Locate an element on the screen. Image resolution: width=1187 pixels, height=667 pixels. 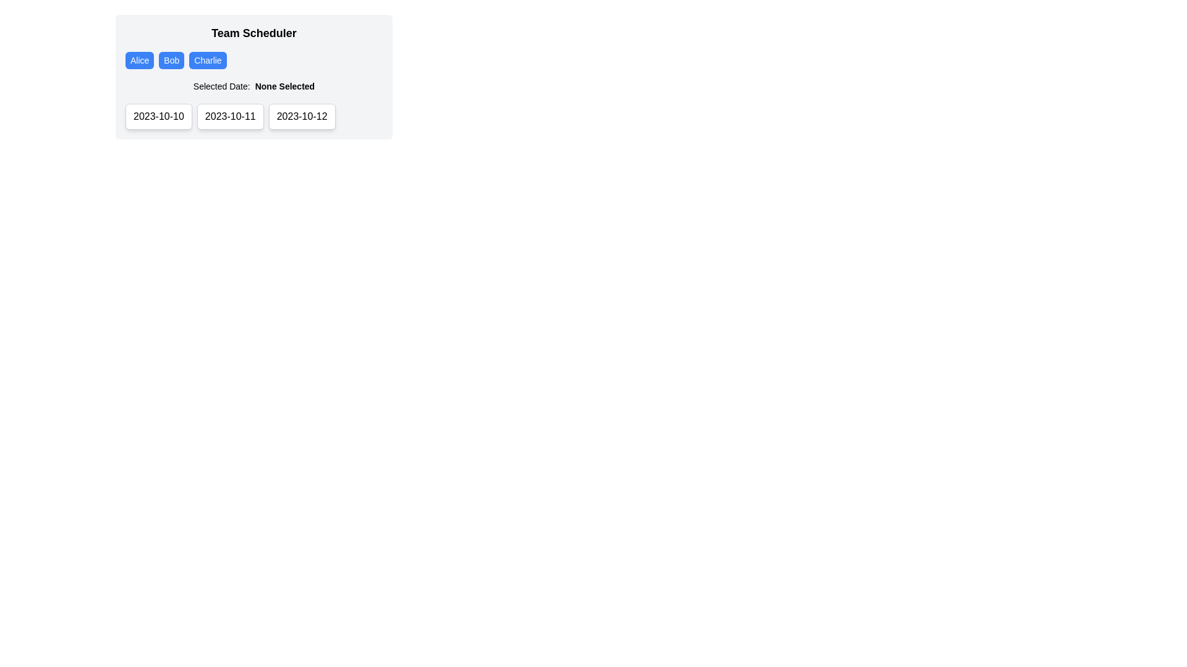
the date selection button located below the 'Selected Date: None Selected' label, which is the leftmost button in a group of three is located at coordinates (158, 117).